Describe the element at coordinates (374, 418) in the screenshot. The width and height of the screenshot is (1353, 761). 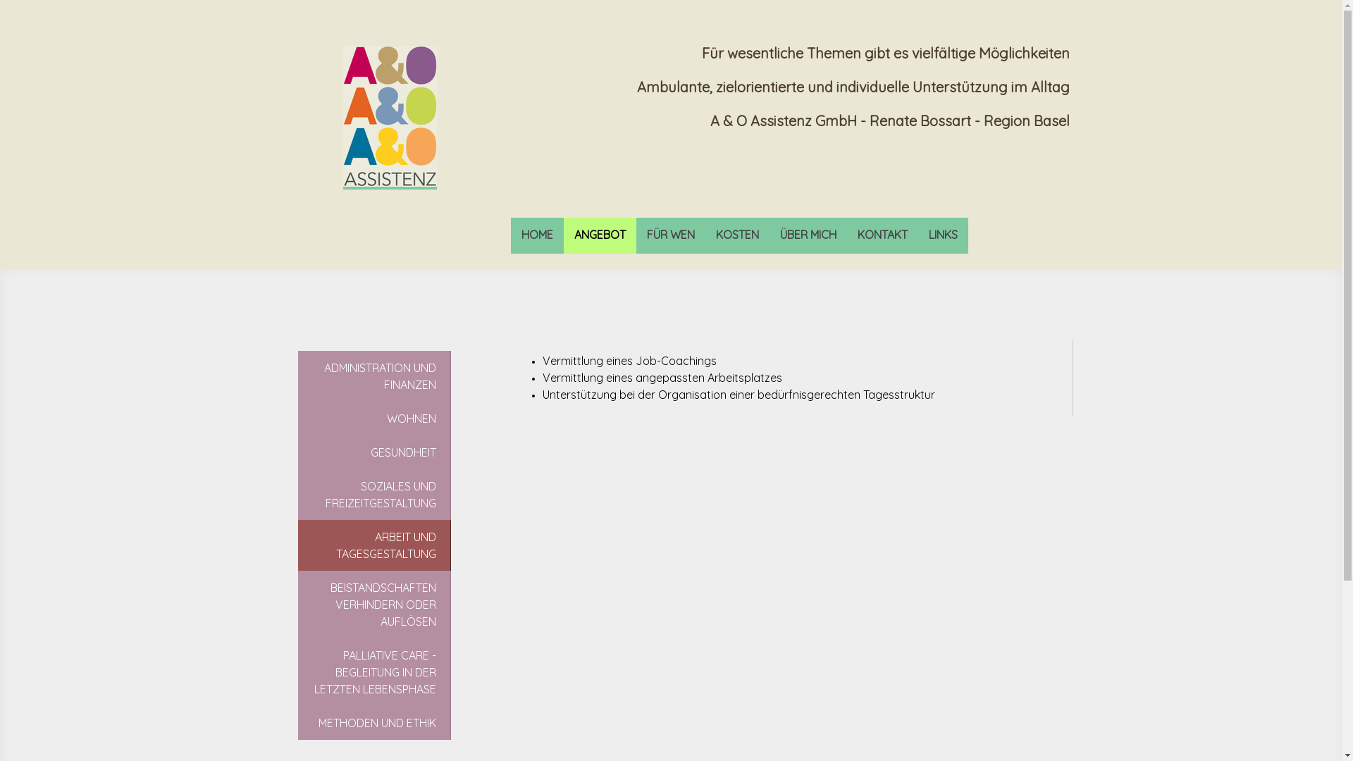
I see `'WOHNEN'` at that location.